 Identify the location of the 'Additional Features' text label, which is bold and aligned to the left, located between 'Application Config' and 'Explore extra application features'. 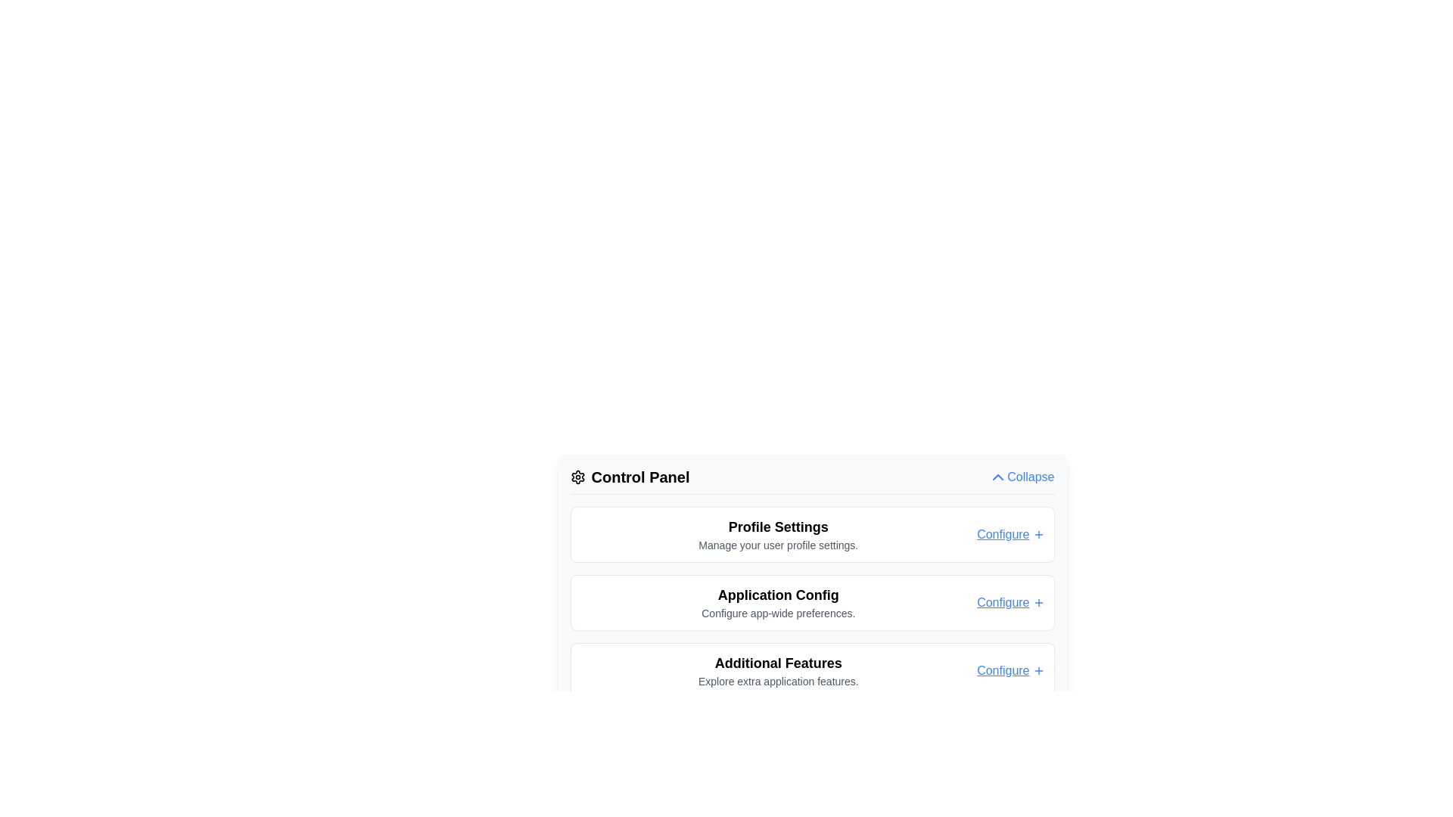
(778, 662).